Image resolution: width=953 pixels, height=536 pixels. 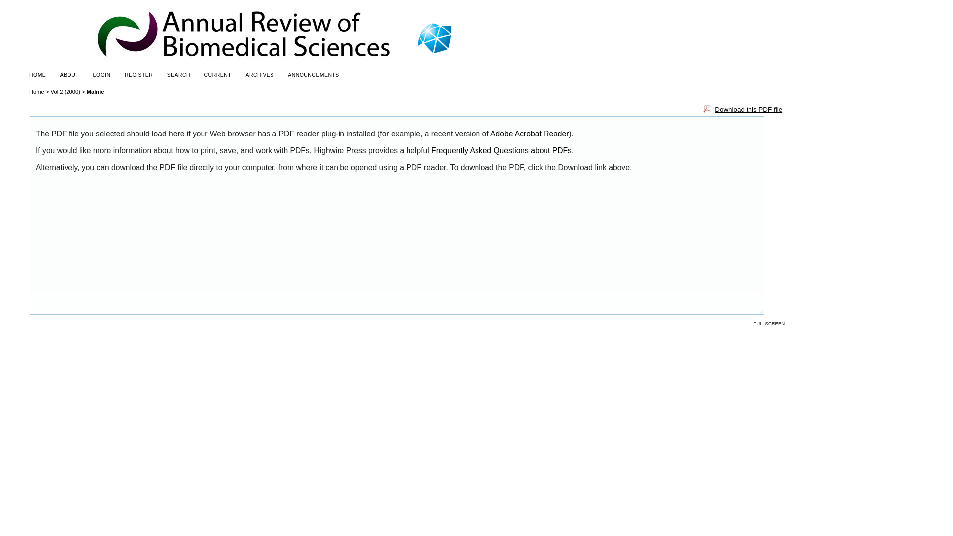 I want to click on 'LOGIN', so click(x=93, y=74).